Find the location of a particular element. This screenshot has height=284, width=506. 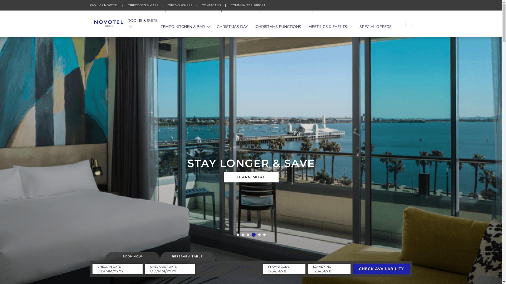

'ROOMS & SUITE' is located at coordinates (144, 23).